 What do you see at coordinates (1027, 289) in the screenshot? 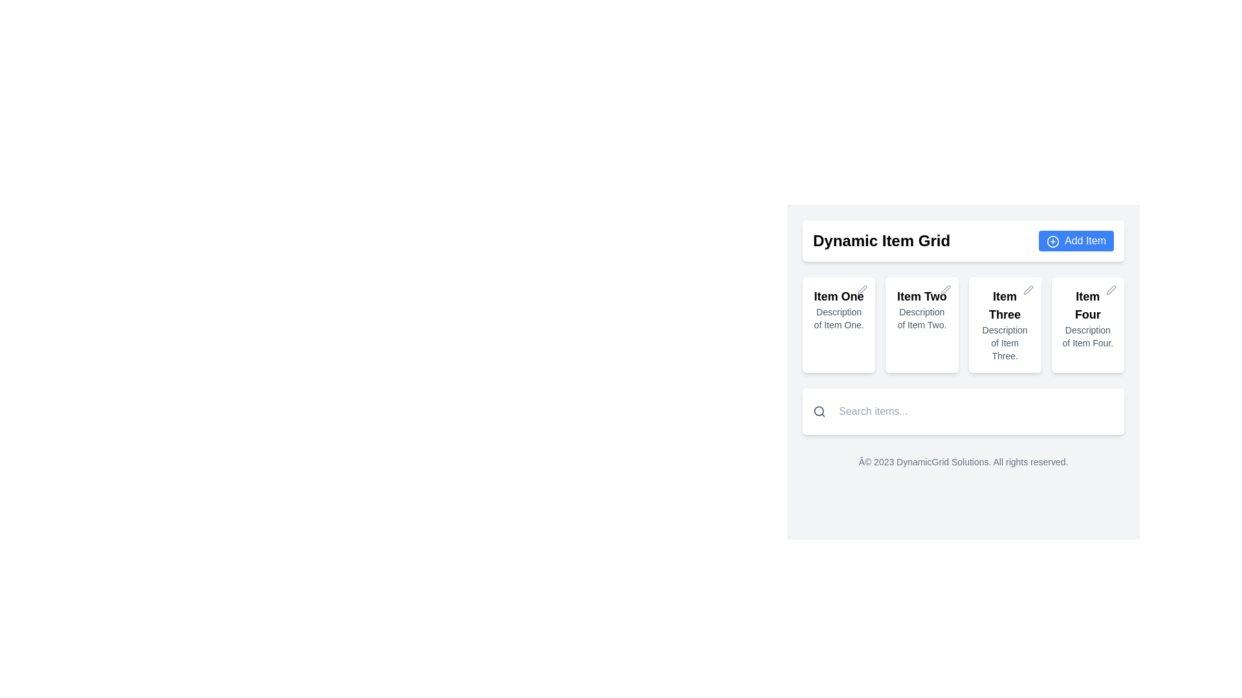
I see `the icon button with an editing pen design located at the top-right corner of the card labeled 'Item Three'` at bounding box center [1027, 289].